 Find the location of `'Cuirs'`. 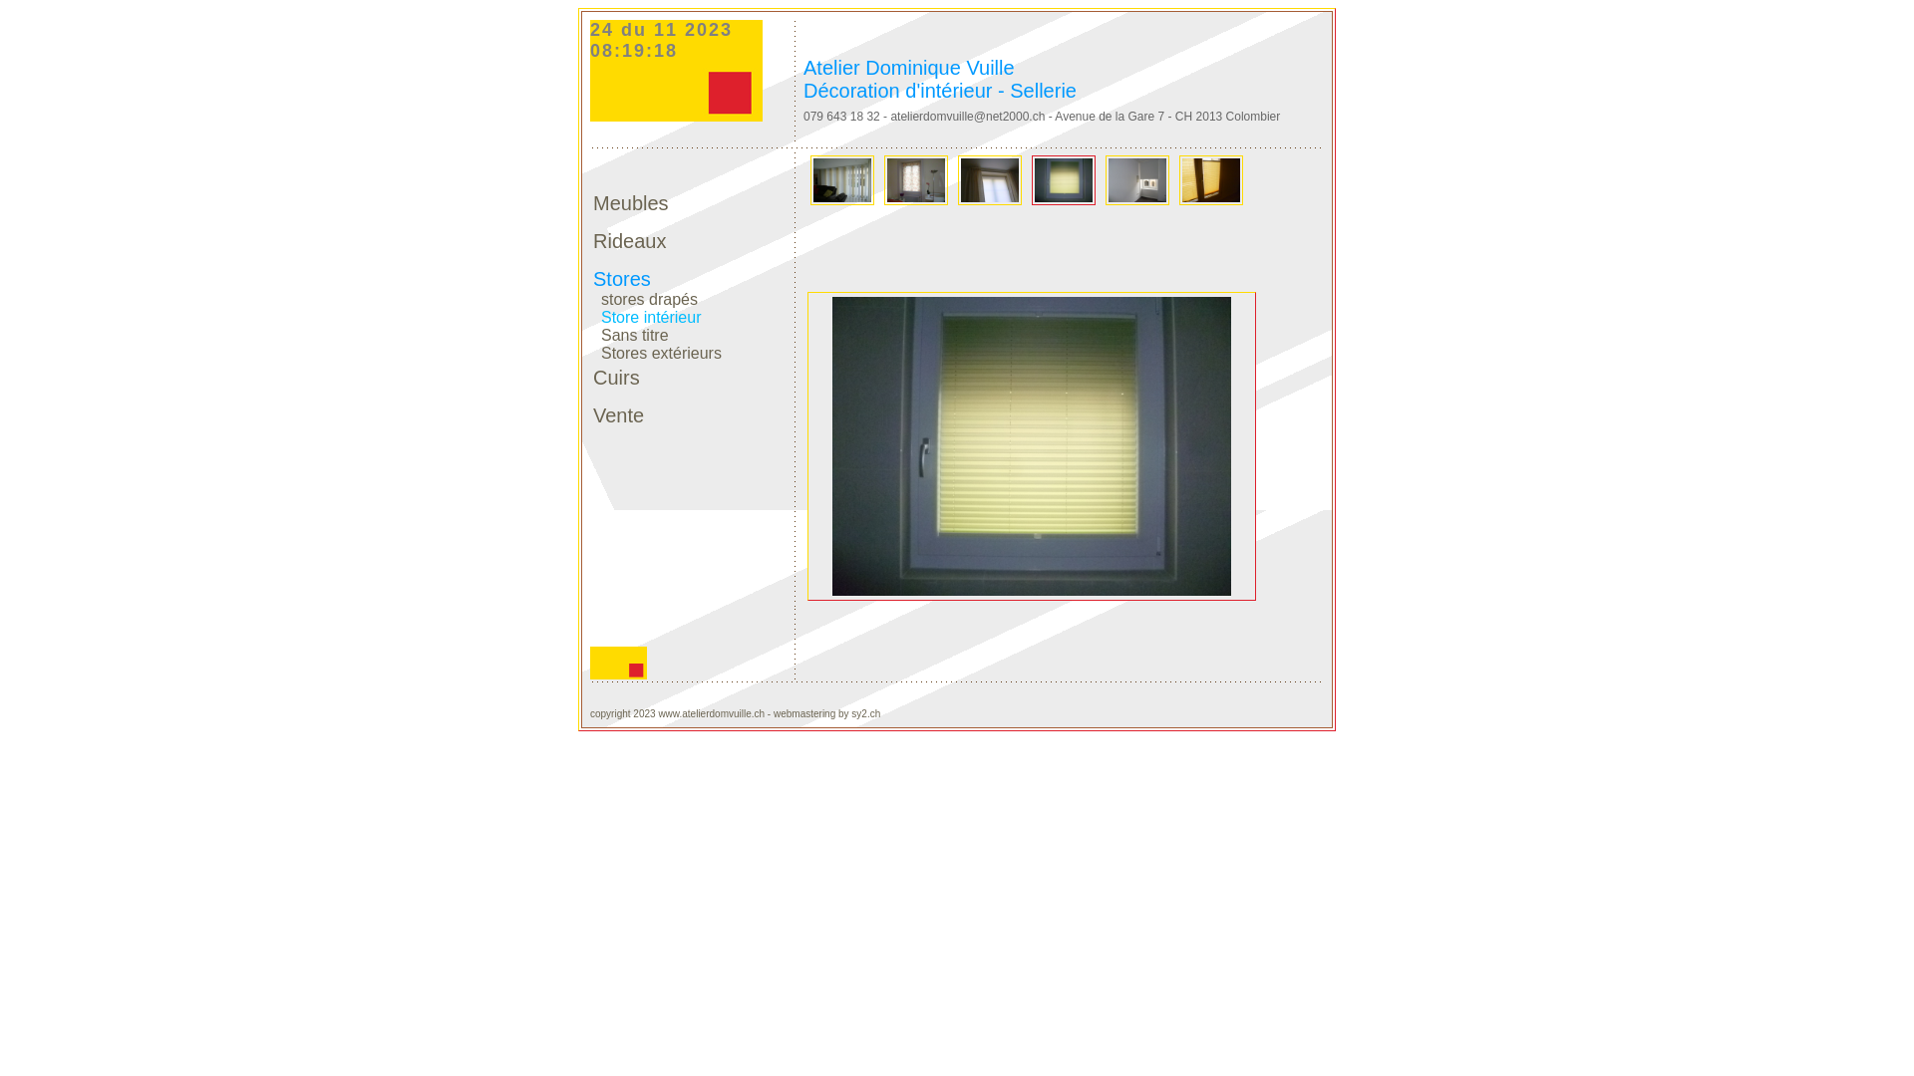

'Cuirs' is located at coordinates (592, 377).